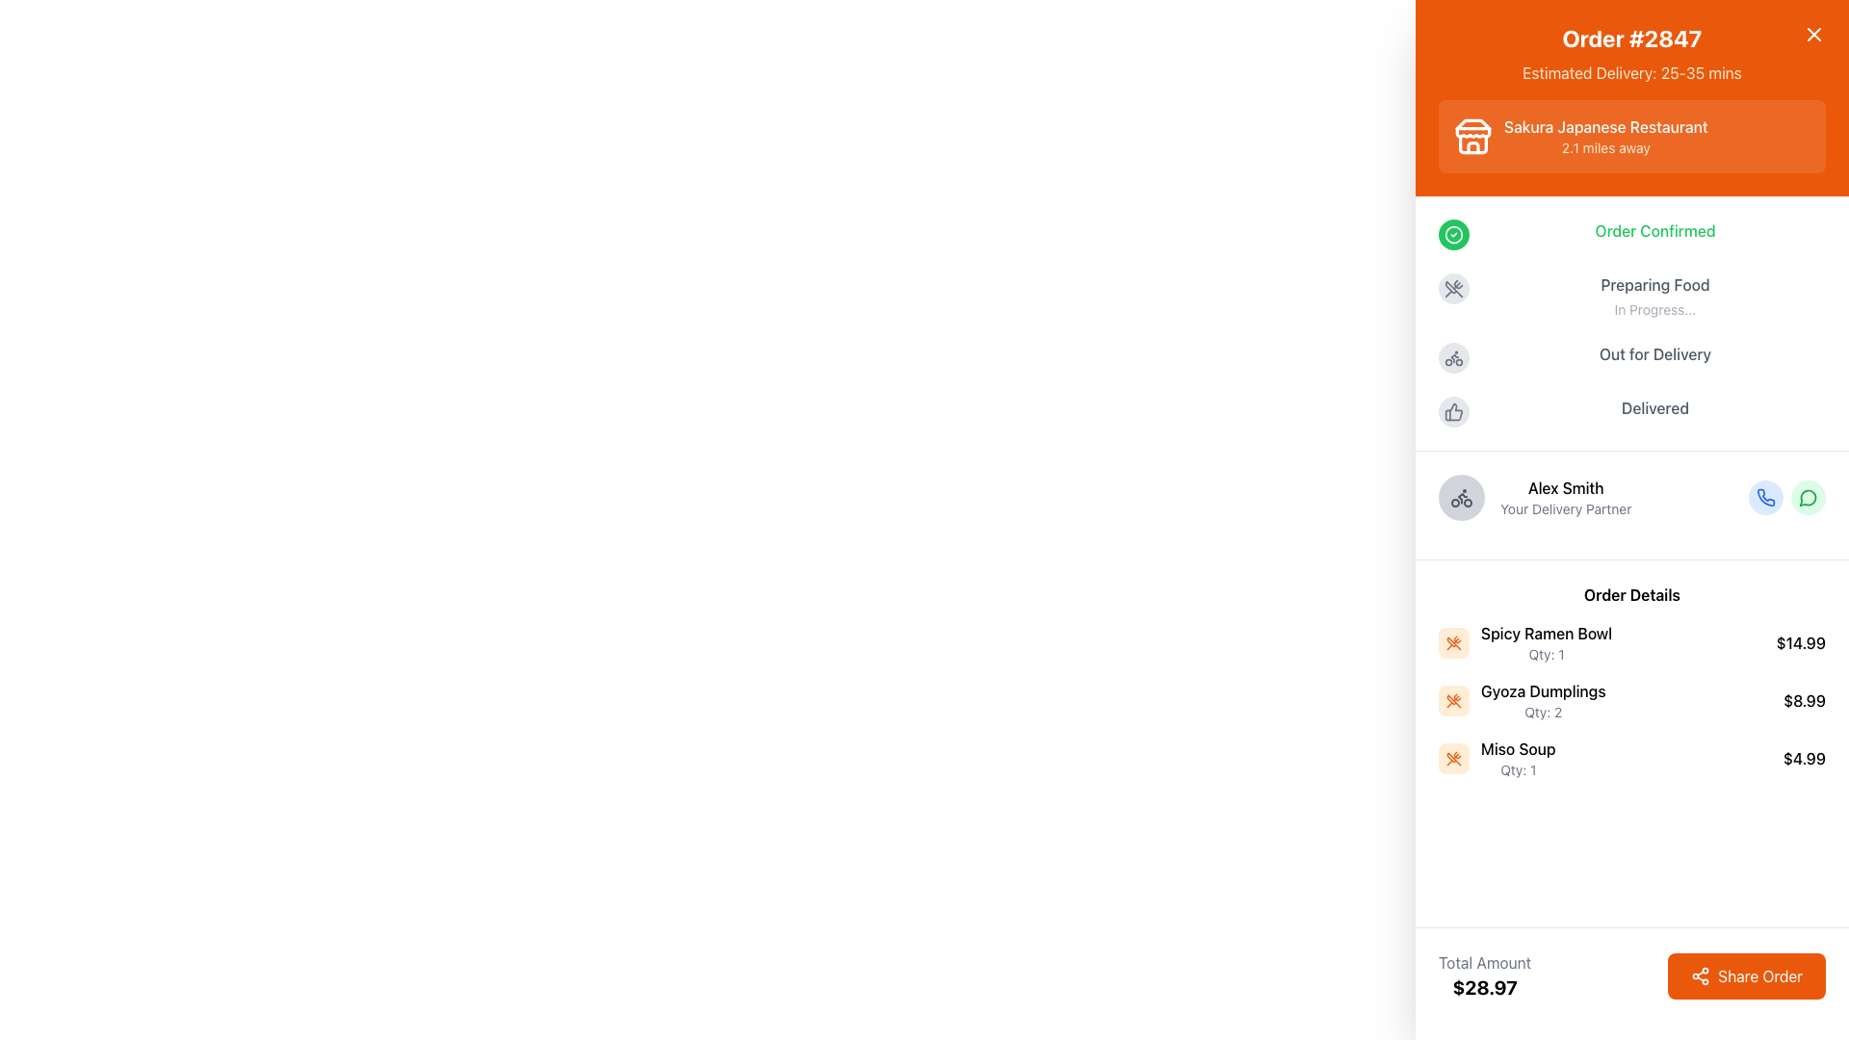 The image size is (1849, 1040). What do you see at coordinates (1630, 411) in the screenshot?
I see `the Progress step element that displays the text 'Delivered' next to a thumbs-up icon, located at the bottom of the order progress stack` at bounding box center [1630, 411].